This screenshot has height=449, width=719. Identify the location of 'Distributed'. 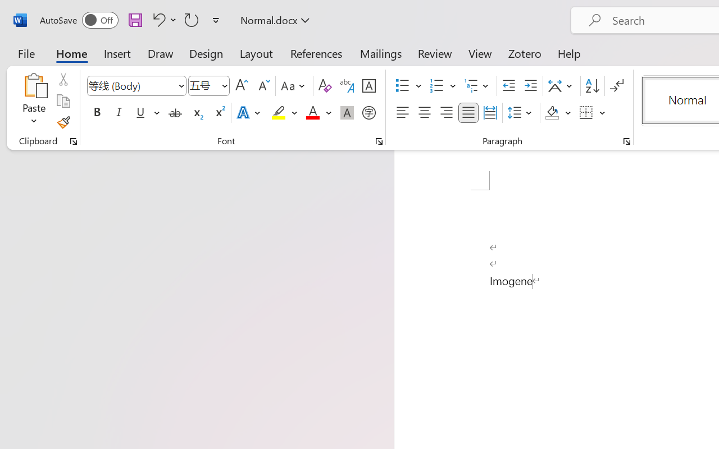
(490, 113).